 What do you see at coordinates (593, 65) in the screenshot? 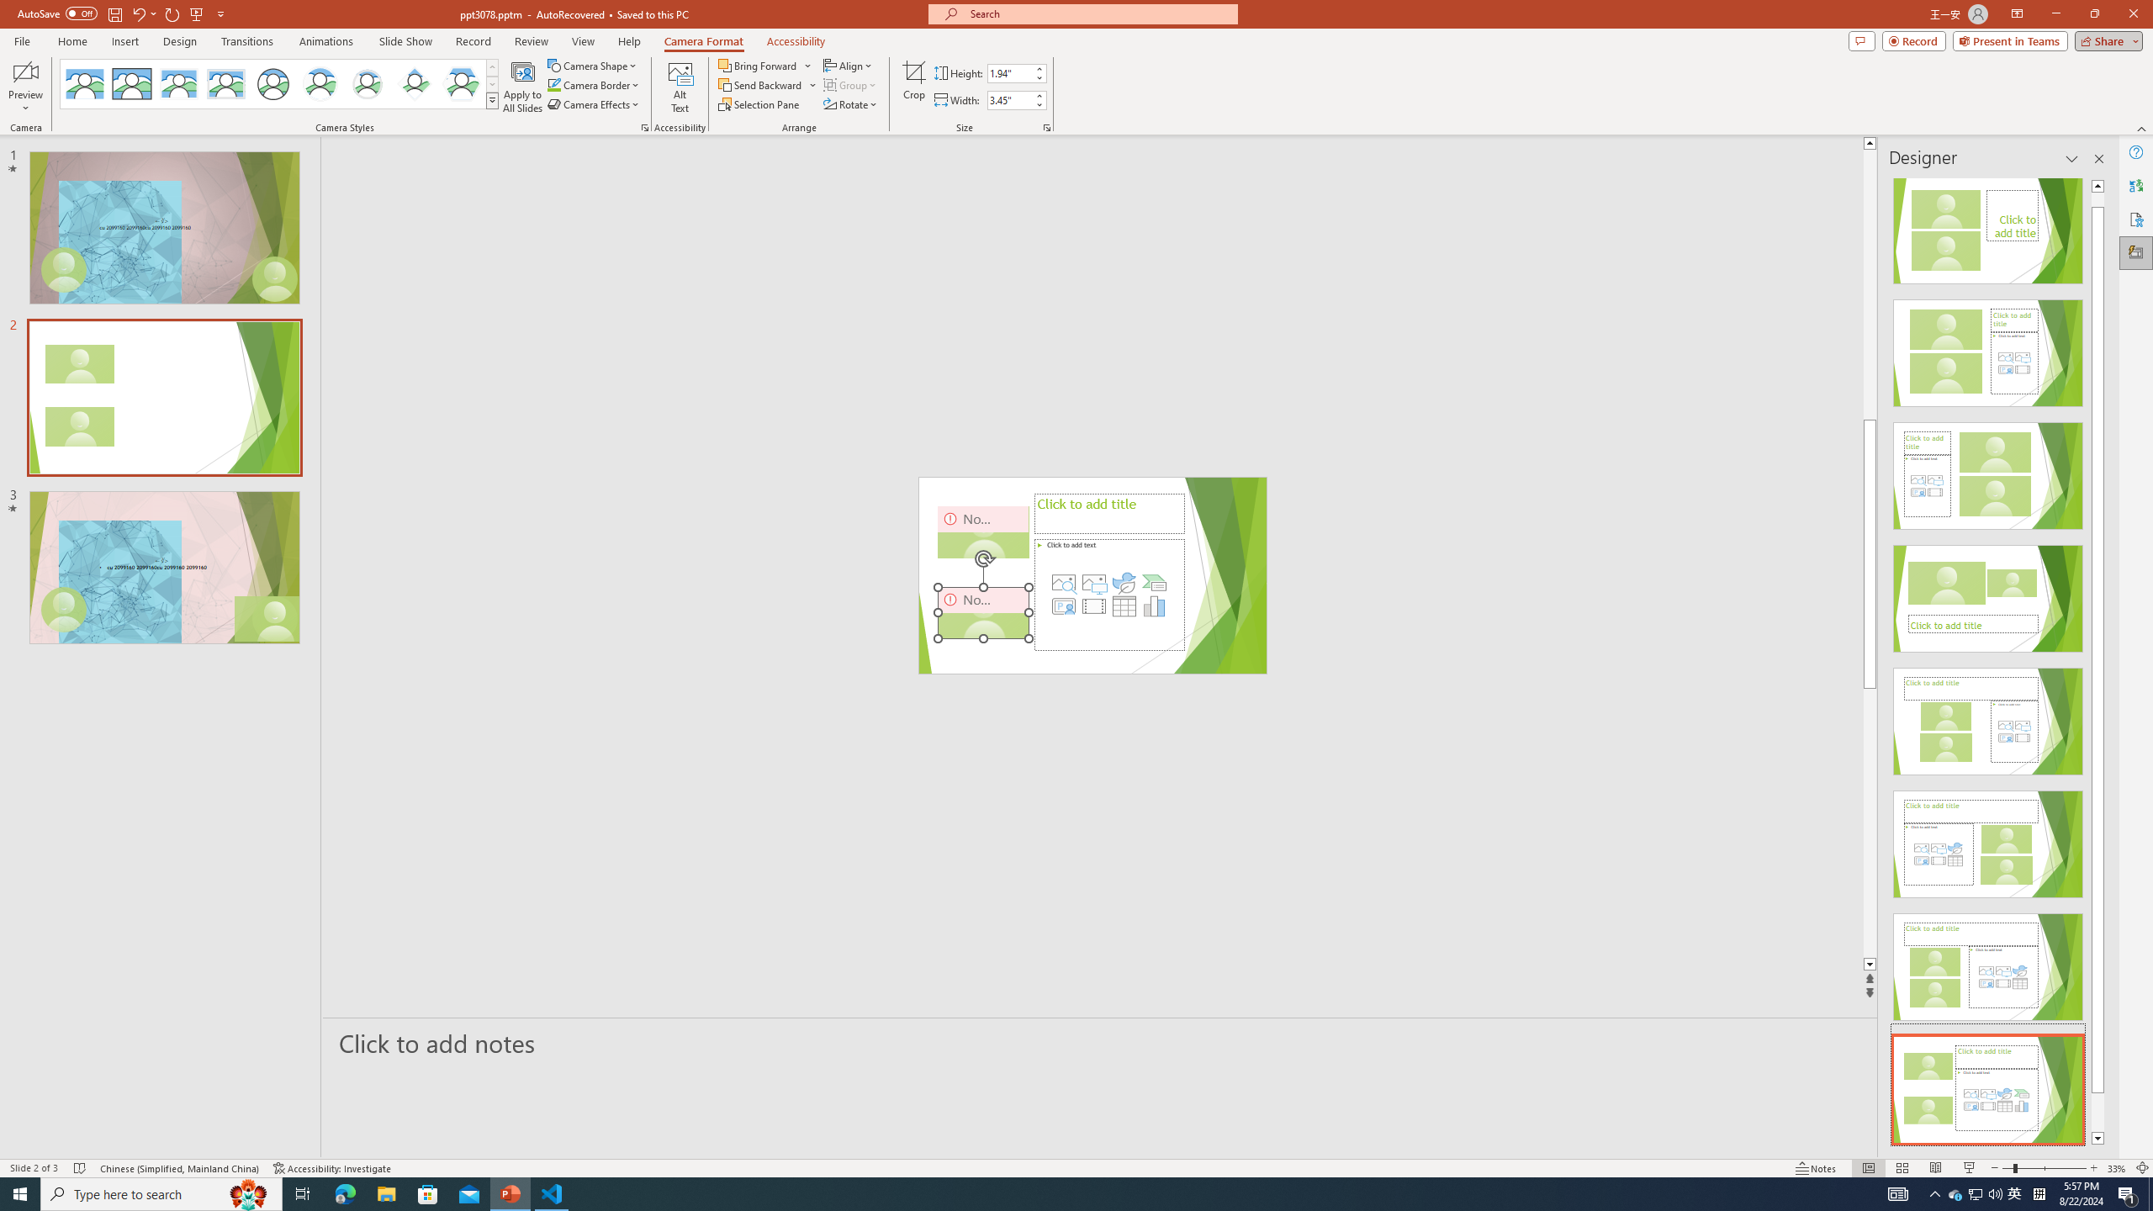
I see `'Camera Shape'` at bounding box center [593, 65].